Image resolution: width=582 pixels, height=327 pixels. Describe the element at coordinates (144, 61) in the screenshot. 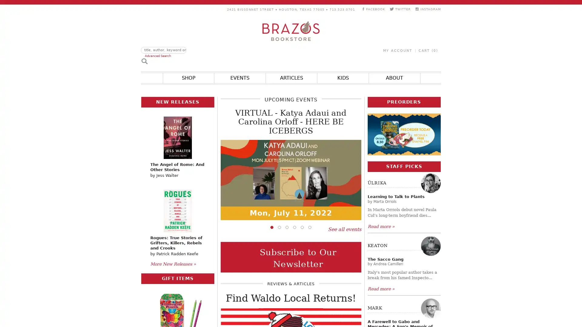

I see `Search` at that location.